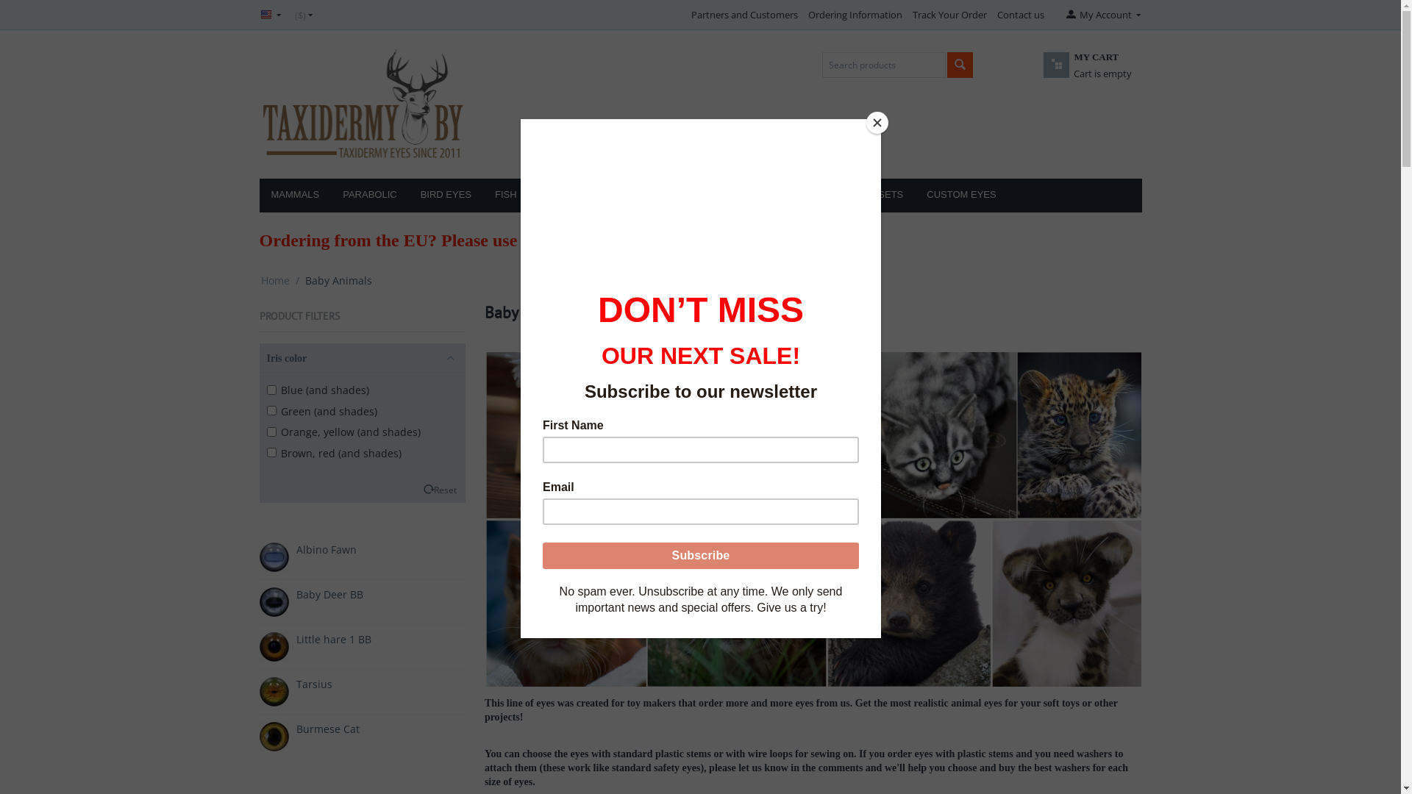 The width and height of the screenshot is (1412, 794). What do you see at coordinates (445, 195) in the screenshot?
I see `'BIRD EYES'` at bounding box center [445, 195].